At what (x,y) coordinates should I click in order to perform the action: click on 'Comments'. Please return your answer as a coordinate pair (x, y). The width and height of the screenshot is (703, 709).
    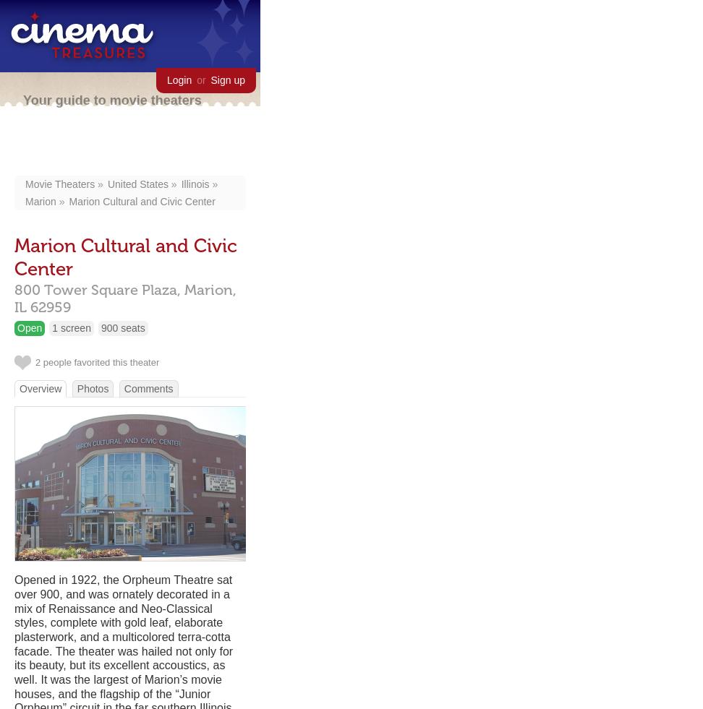
    Looking at the image, I should click on (147, 387).